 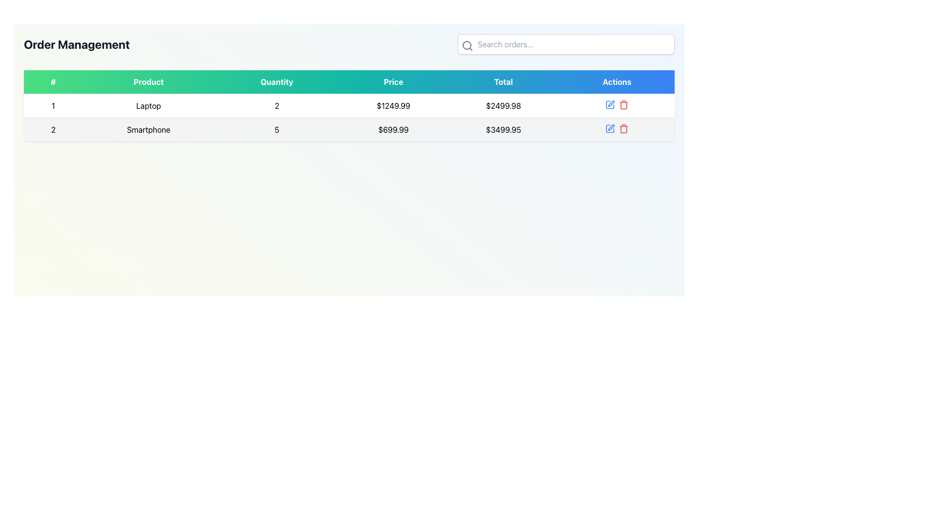 I want to click on the quantity text label for the Laptop product located in the third column of the first row in the table, positioned between 'Laptop' and '$1249.99', so click(x=276, y=105).